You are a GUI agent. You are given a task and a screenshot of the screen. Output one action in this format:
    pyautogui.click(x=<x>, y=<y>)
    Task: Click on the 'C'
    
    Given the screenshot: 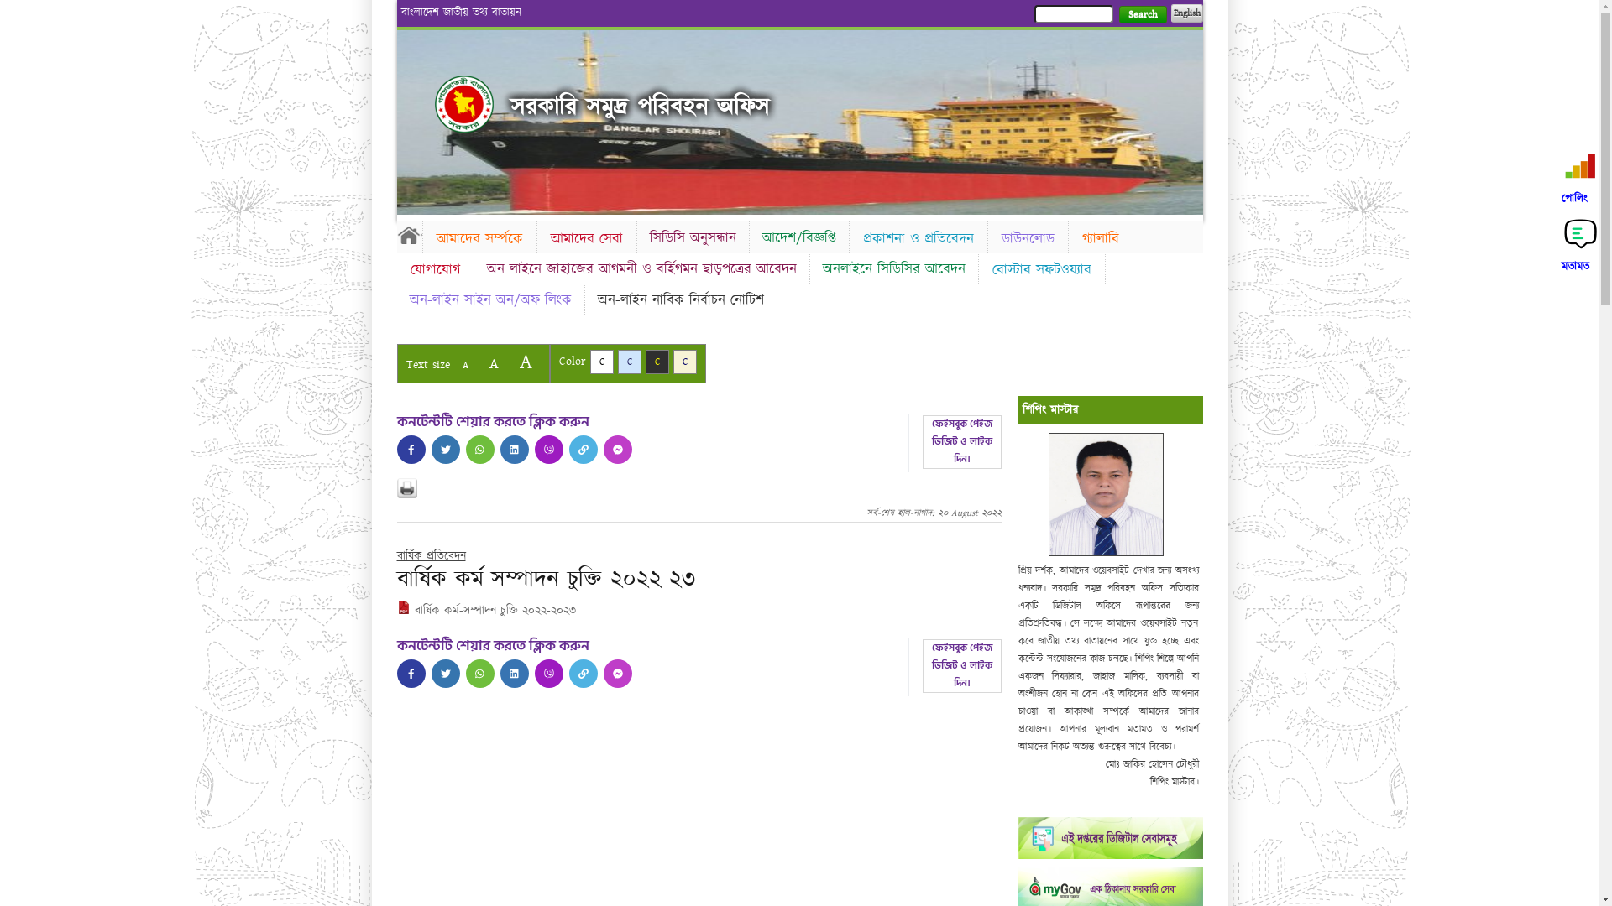 What is the action you would take?
    pyautogui.click(x=656, y=361)
    